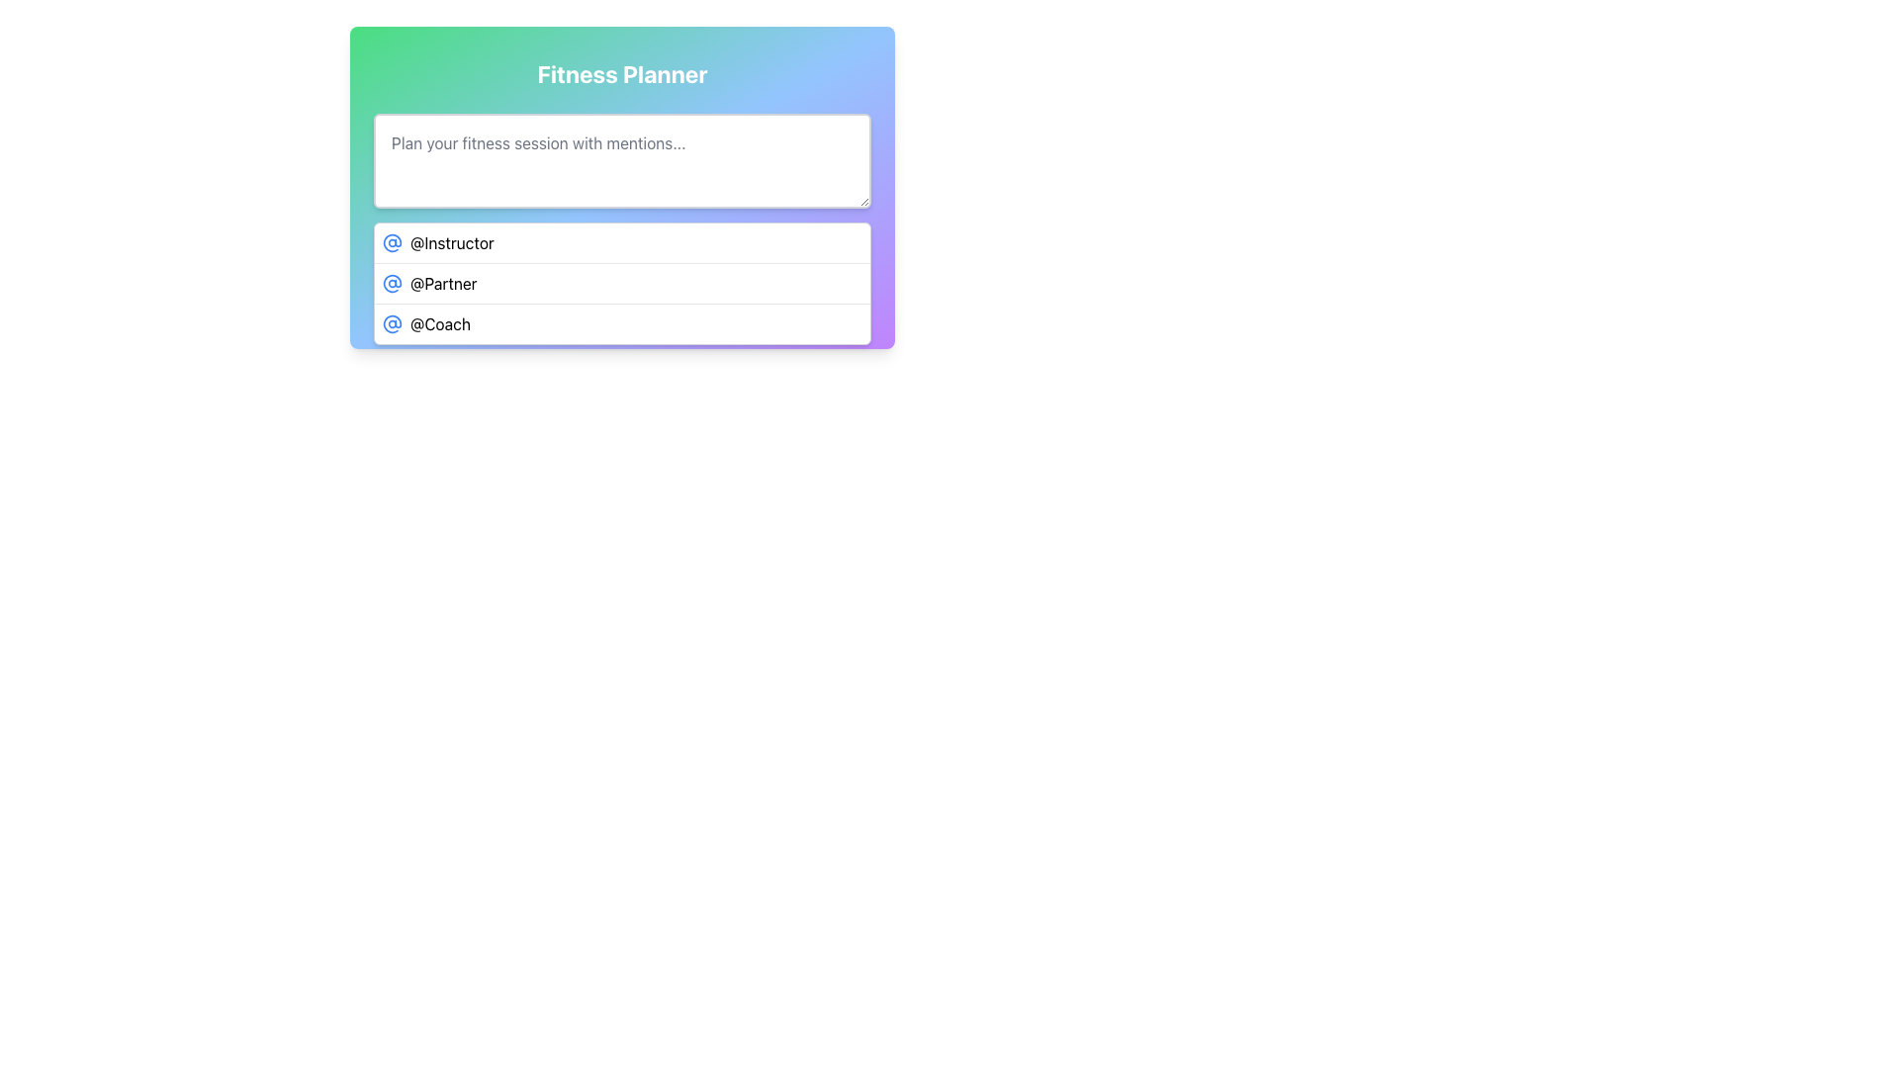  What do you see at coordinates (421, 297) in the screenshot?
I see `the icon located within the 'Assign' button, which serves as a visual indicator preceding the button's text` at bounding box center [421, 297].